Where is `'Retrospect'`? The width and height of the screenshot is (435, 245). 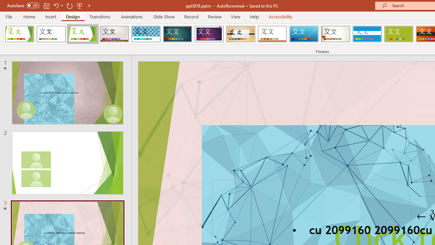
'Retrospect' is located at coordinates (272, 34).